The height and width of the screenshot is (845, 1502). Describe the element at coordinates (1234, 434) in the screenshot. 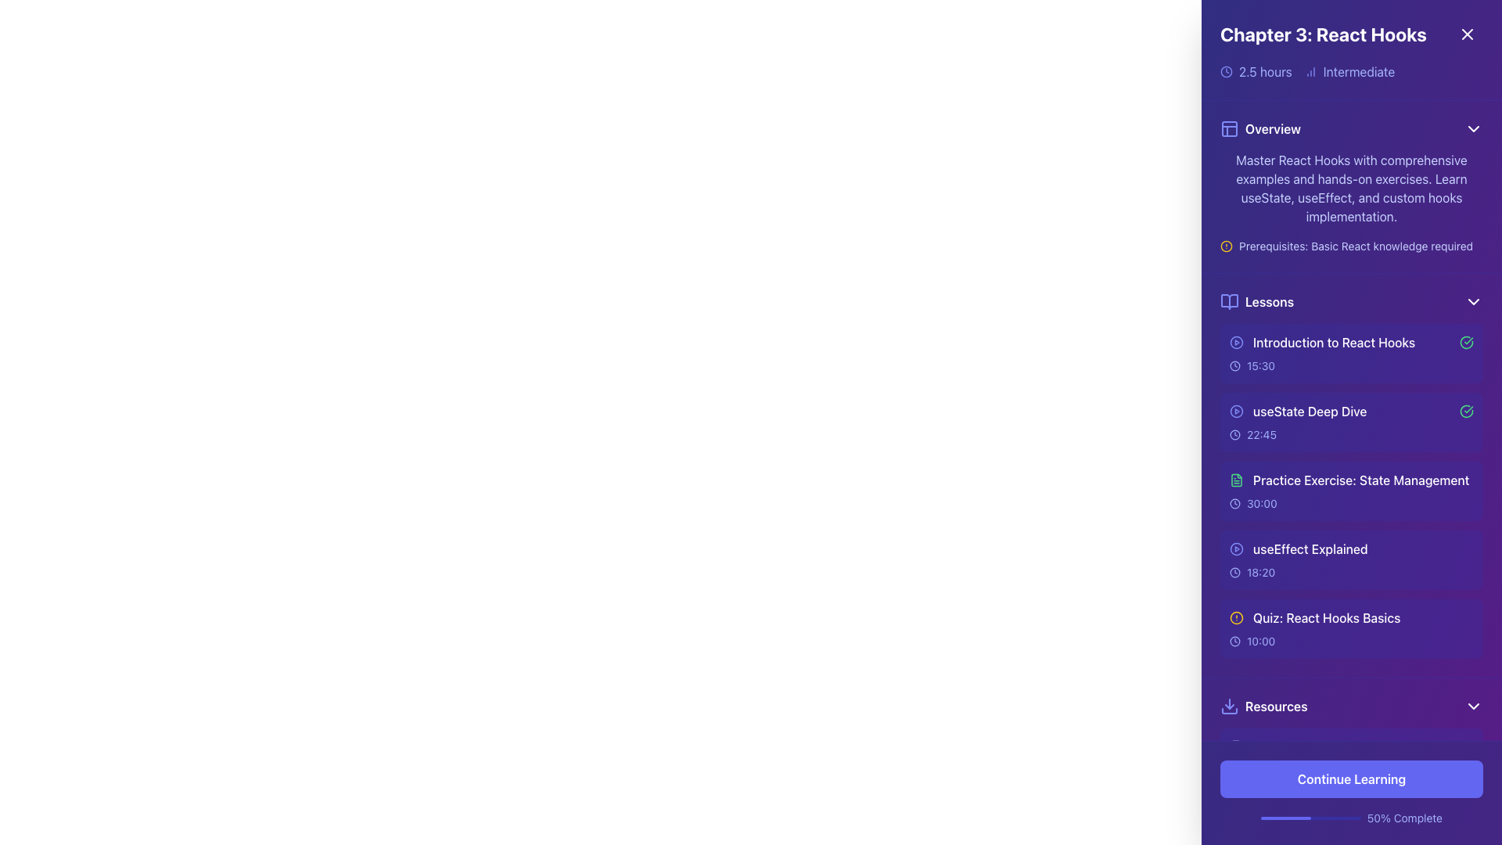

I see `the graphical icon component representing the center of the clock design, located to the left of the text '22:45' for the 'useState Deep Dive' lesson` at that location.